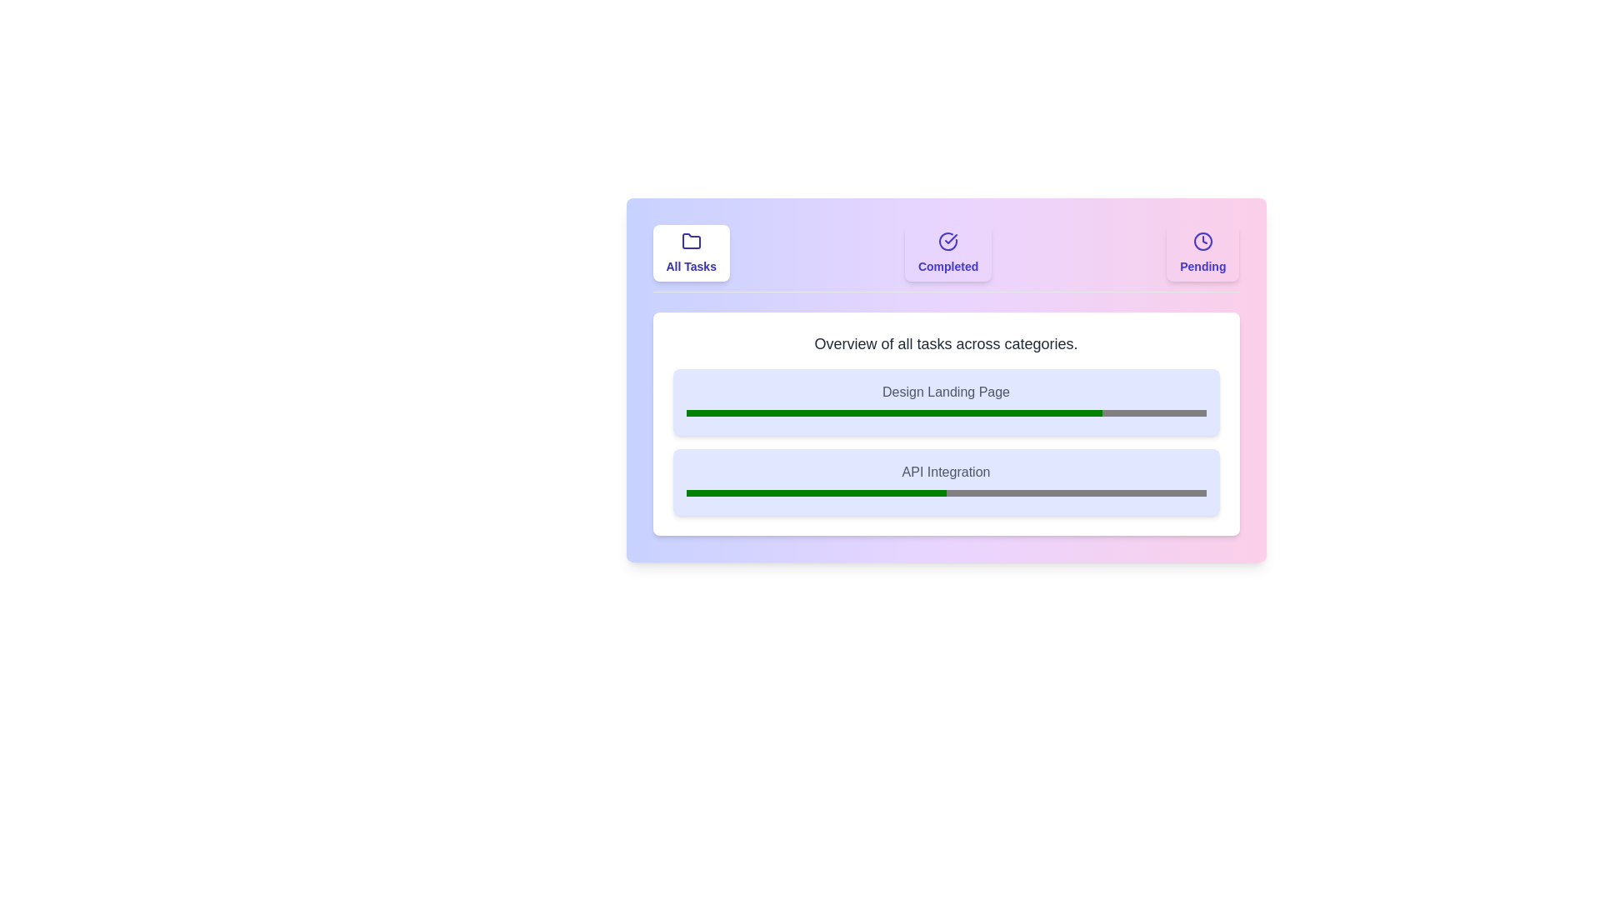  Describe the element at coordinates (951, 238) in the screenshot. I see `the checkmark icon within the SVG graphic labeled 'lucide-circle-check-big' that signifies a 'completed' status on the 'Completed' tab of the dashboard` at that location.